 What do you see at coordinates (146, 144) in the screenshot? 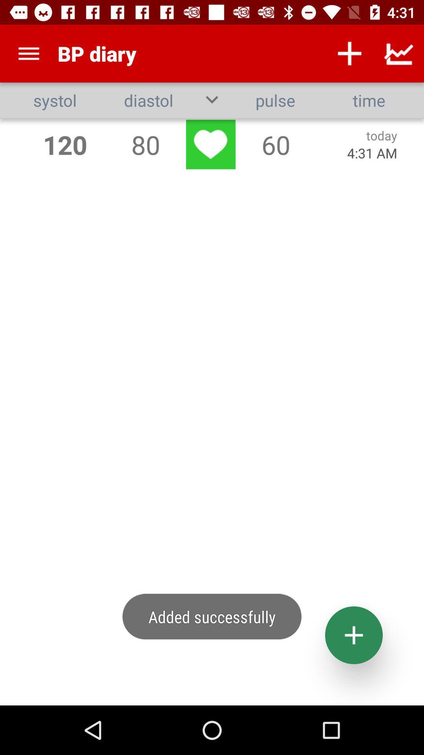
I see `the 80 item` at bounding box center [146, 144].